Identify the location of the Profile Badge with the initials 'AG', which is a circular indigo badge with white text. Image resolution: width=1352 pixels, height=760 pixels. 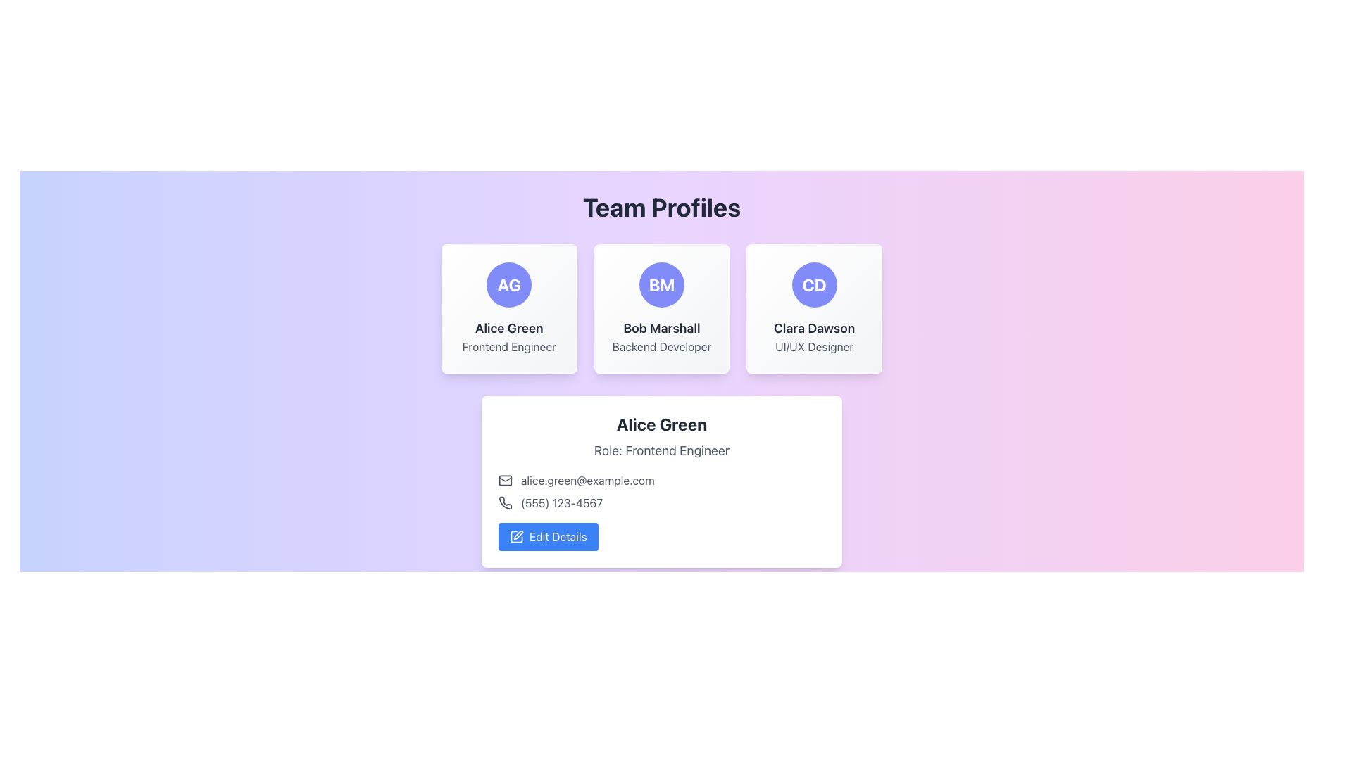
(508, 285).